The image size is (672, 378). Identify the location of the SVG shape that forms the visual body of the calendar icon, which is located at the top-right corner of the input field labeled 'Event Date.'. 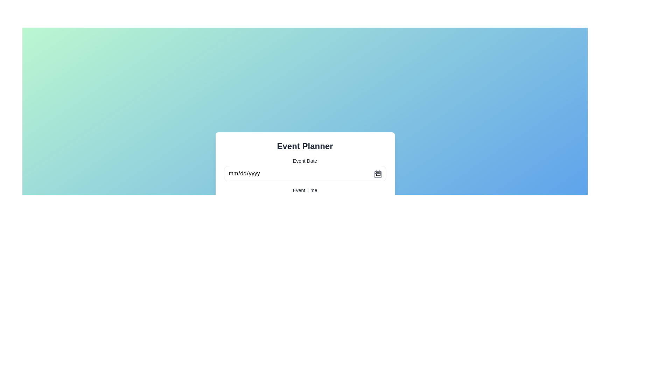
(377, 174).